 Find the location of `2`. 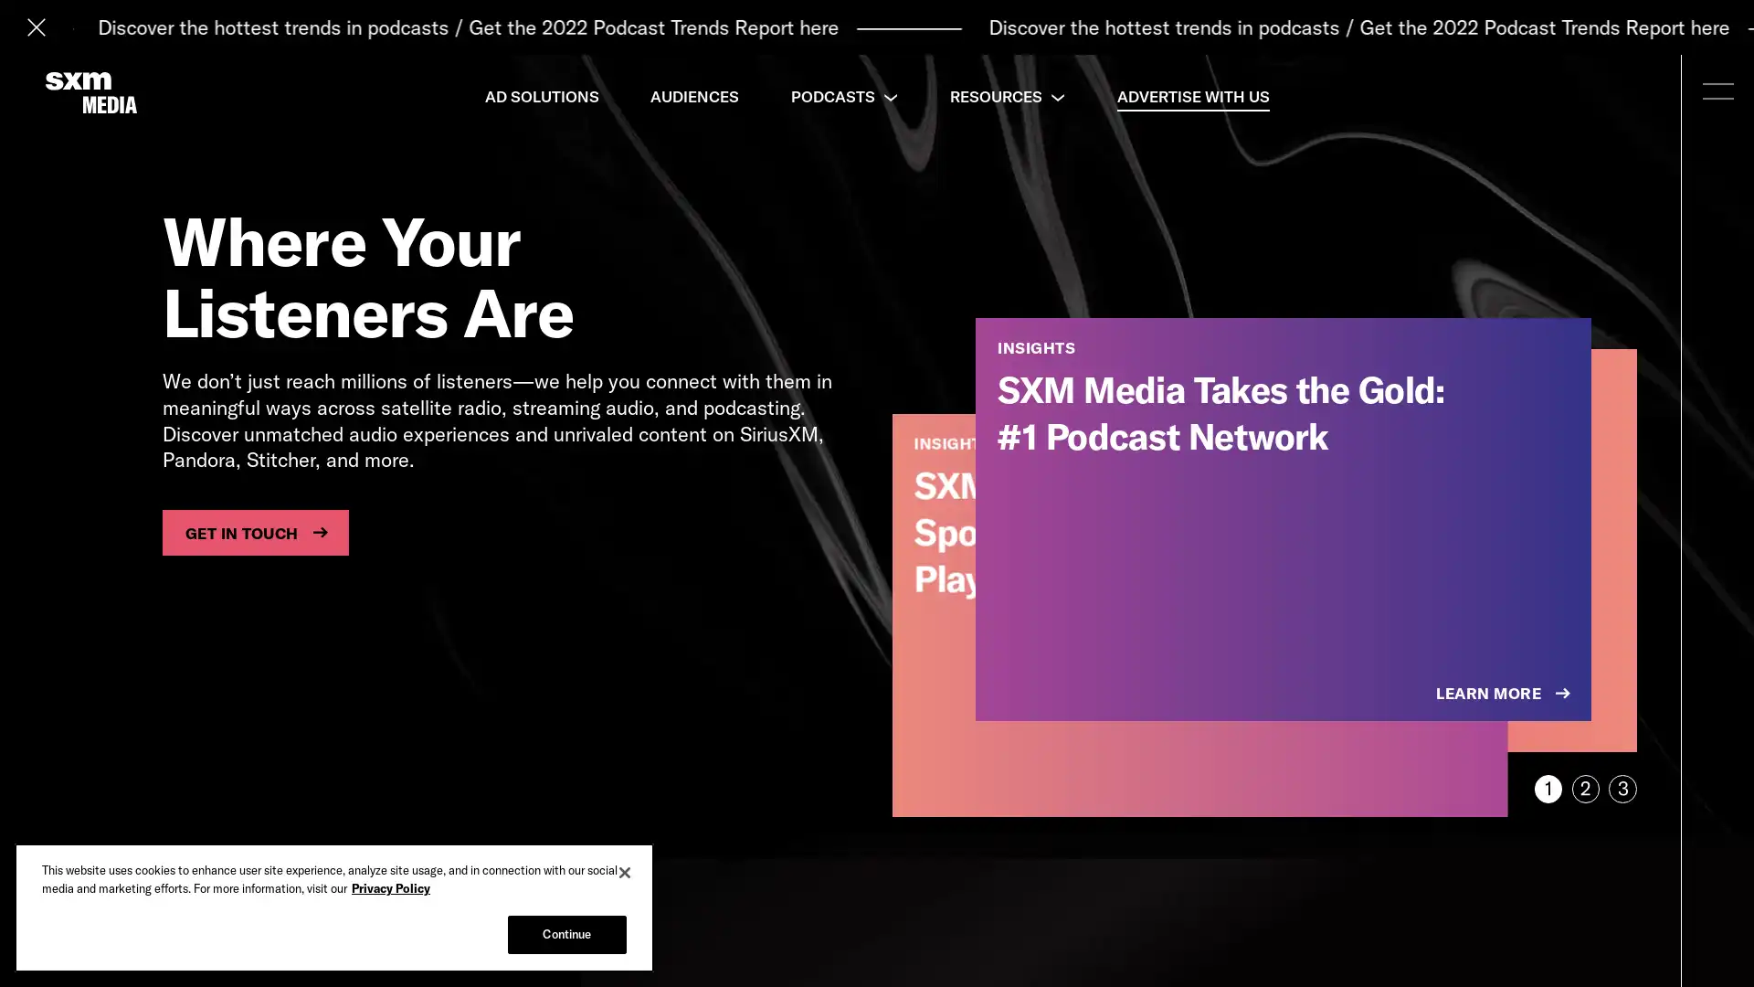

2 is located at coordinates (1584, 788).